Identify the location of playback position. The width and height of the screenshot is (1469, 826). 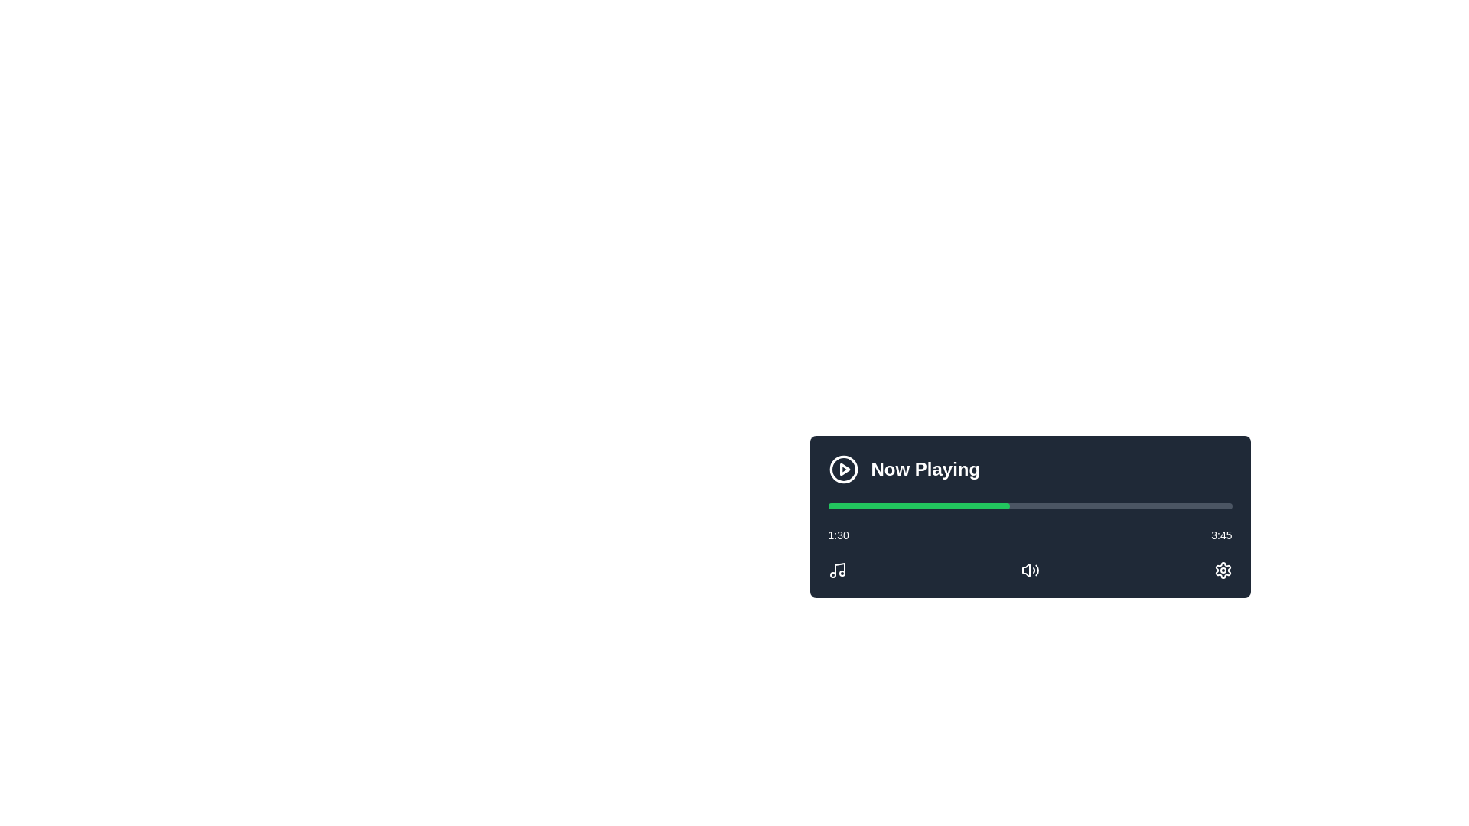
(1010, 506).